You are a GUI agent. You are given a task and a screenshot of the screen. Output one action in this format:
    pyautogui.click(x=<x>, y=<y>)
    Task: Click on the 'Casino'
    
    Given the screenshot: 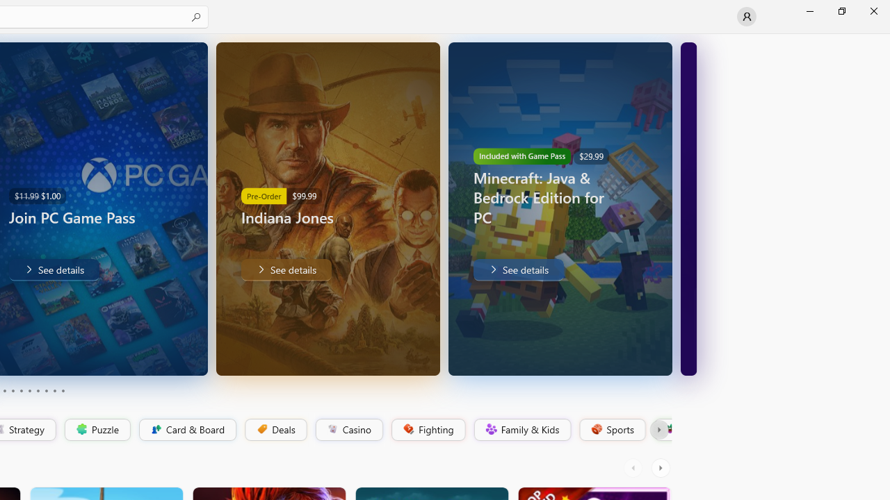 What is the action you would take?
    pyautogui.click(x=348, y=429)
    